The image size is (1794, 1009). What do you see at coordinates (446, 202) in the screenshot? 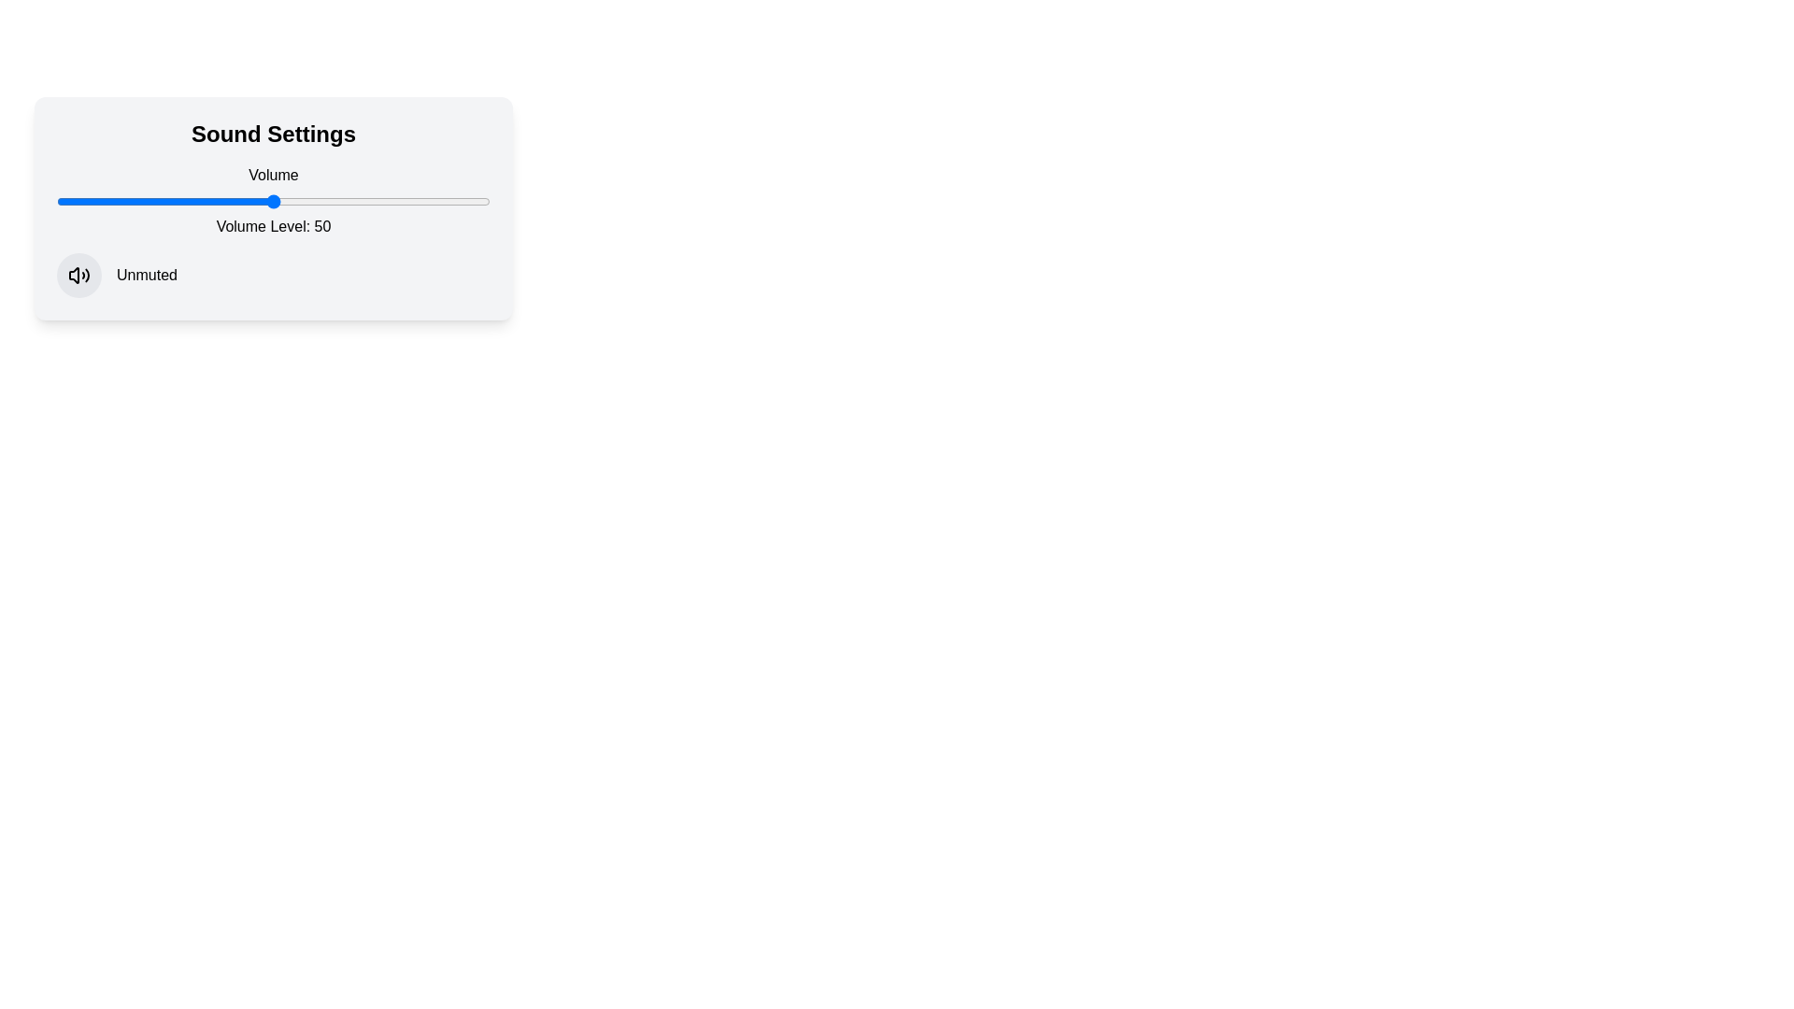
I see `the volume` at bounding box center [446, 202].